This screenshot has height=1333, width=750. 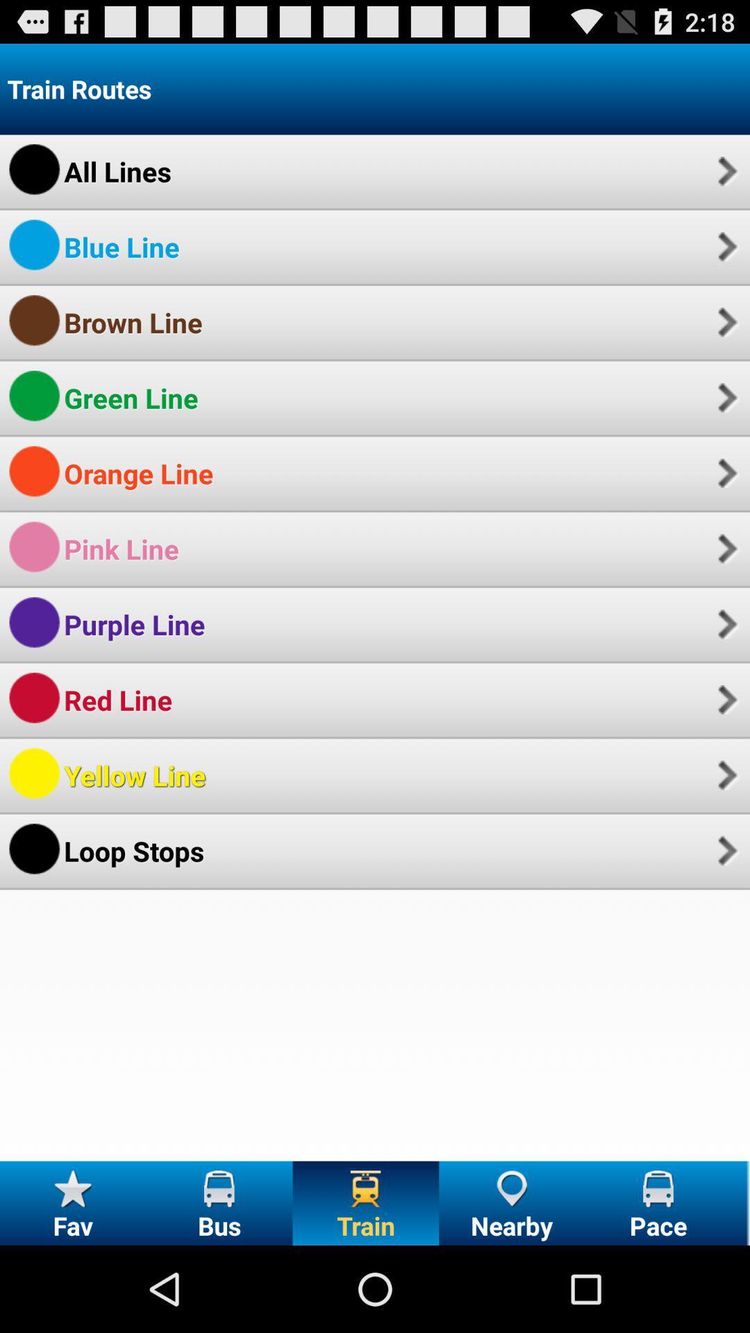 I want to click on the item above the pace, so click(x=725, y=850).